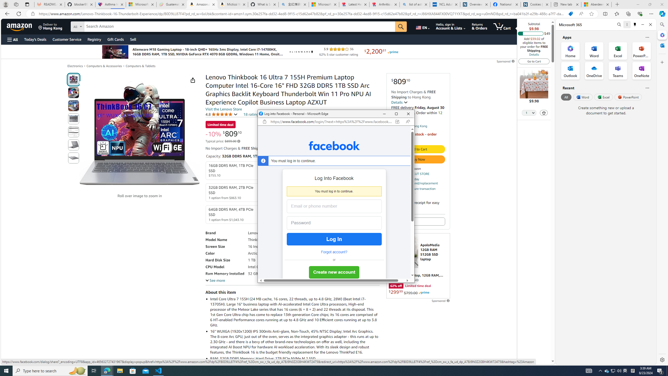  I want to click on 'Create new account', so click(334, 272).